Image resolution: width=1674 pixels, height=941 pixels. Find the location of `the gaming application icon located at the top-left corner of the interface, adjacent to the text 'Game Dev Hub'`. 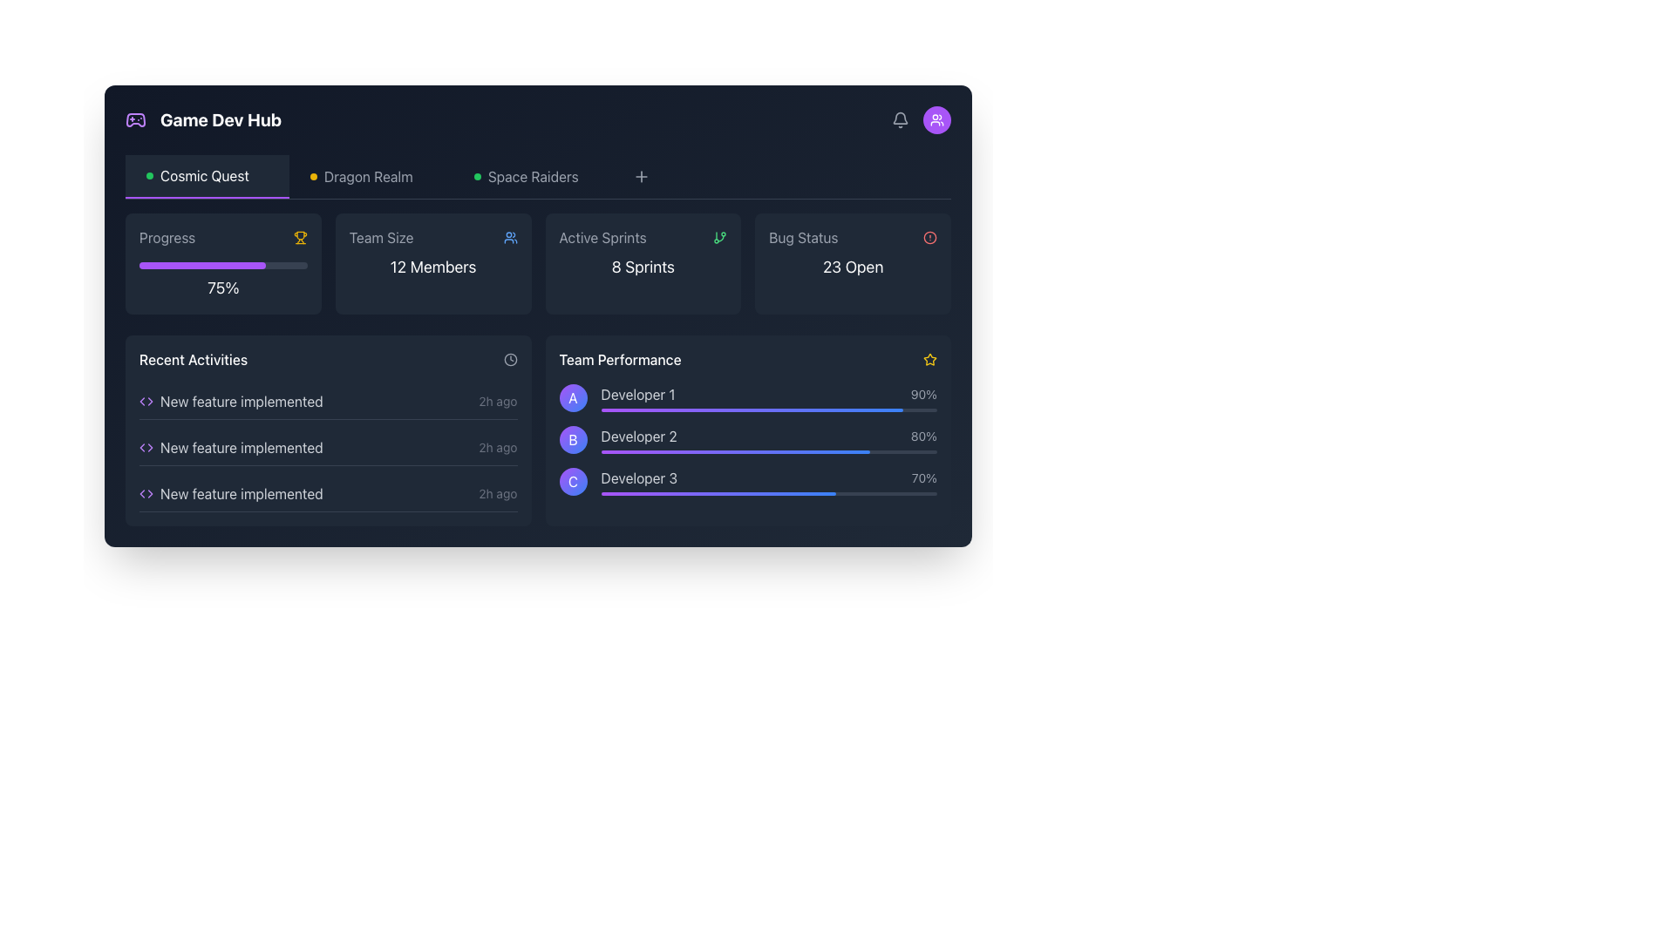

the gaming application icon located at the top-left corner of the interface, adjacent to the text 'Game Dev Hub' is located at coordinates (135, 119).